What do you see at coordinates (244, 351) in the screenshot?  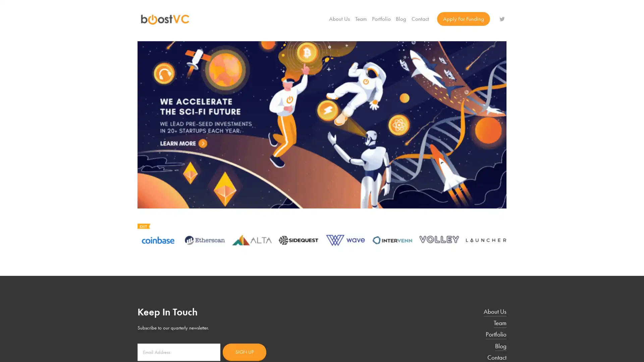 I see `SIGN UP` at bounding box center [244, 351].